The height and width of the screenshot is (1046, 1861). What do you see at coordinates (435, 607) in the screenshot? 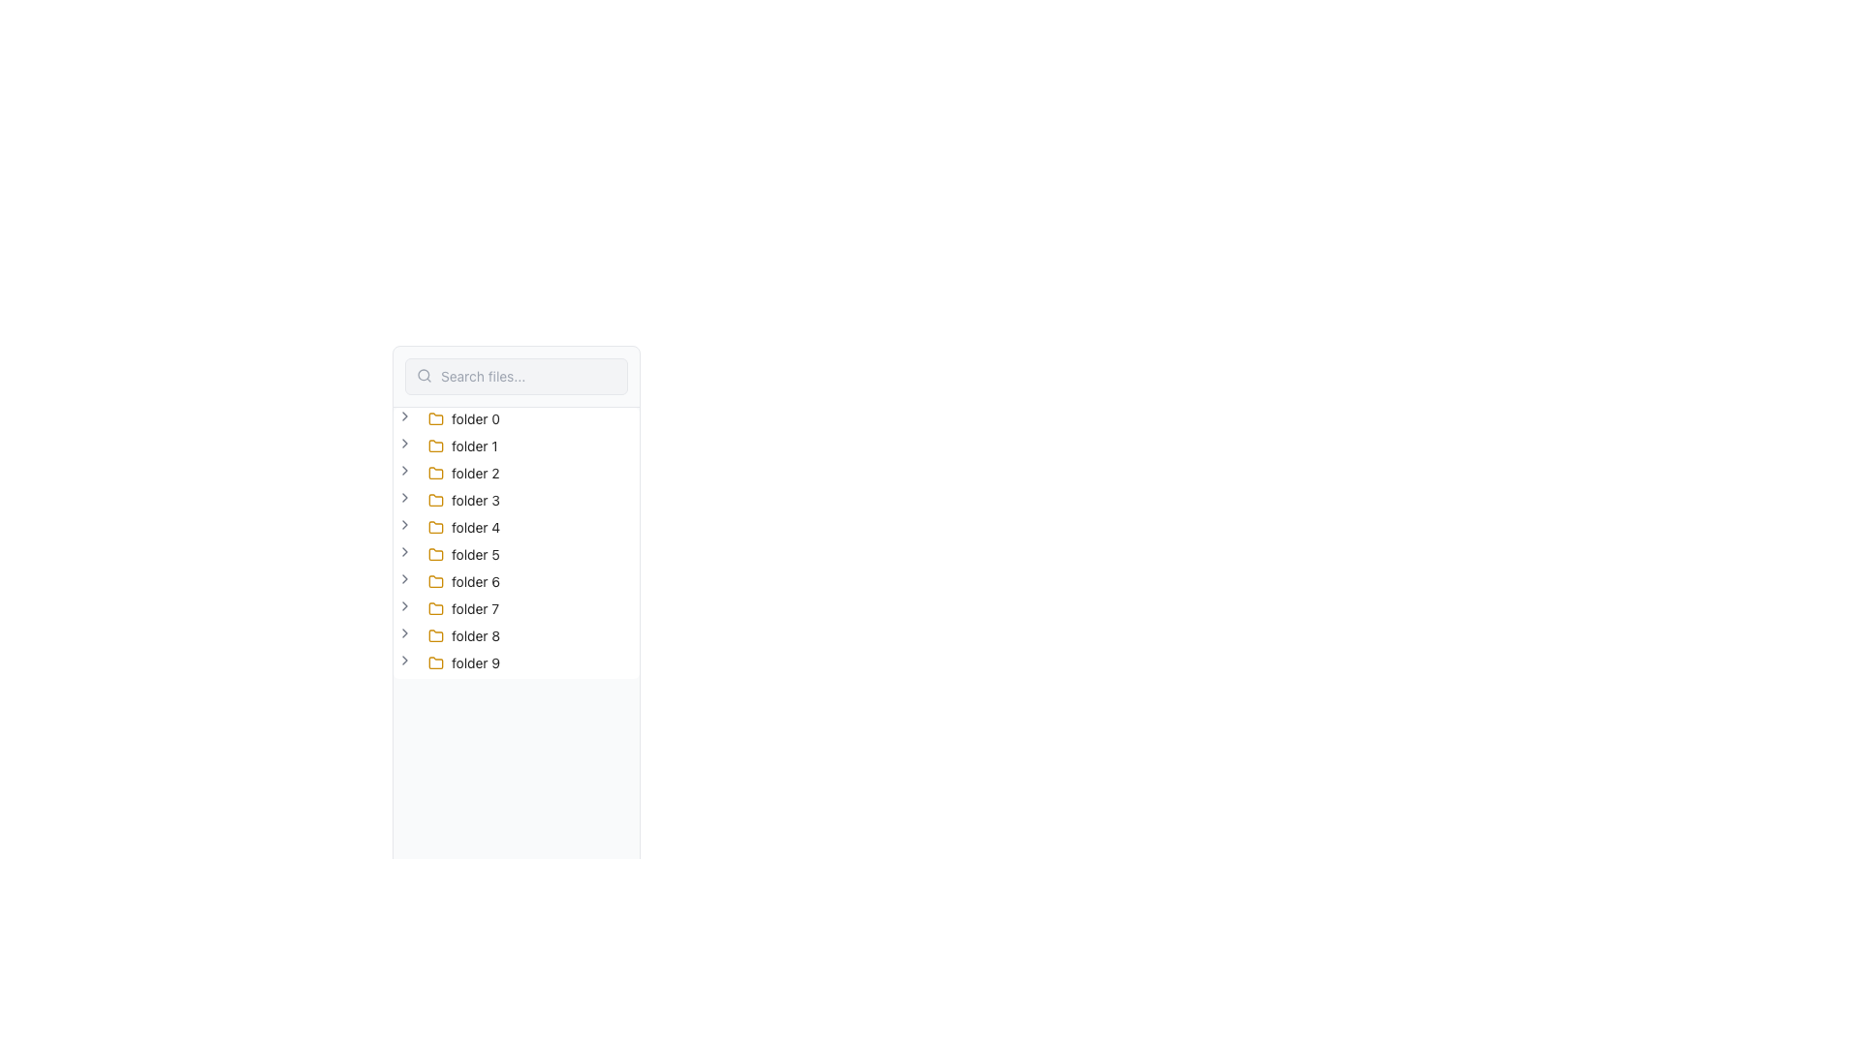
I see `the golden-yellow folder icon located next to the text 'folder 7', which is the seventh item in the hierarchical list` at bounding box center [435, 607].